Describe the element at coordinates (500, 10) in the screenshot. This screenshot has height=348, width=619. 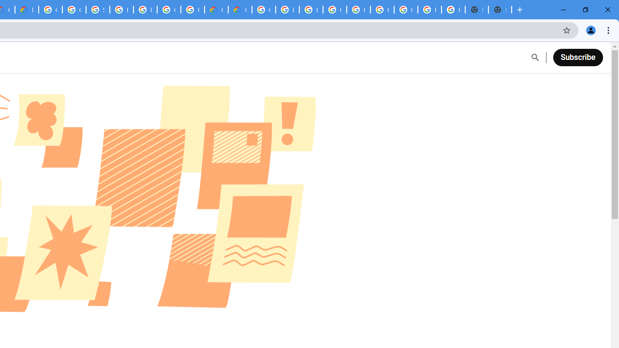
I see `'New Tab'` at that location.